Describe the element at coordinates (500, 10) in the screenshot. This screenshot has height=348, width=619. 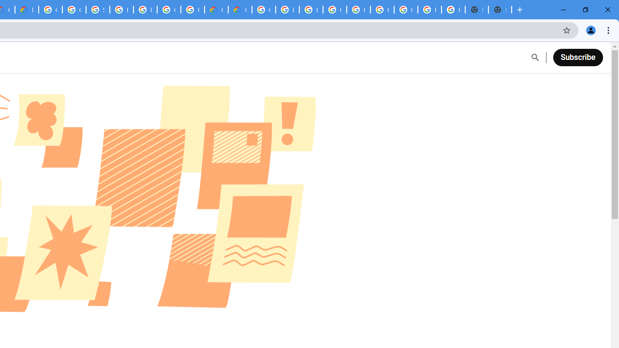
I see `'New Tab'` at that location.